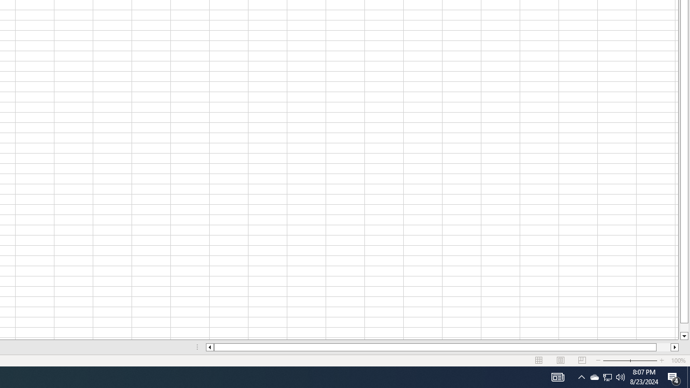 Image resolution: width=690 pixels, height=388 pixels. What do you see at coordinates (442, 347) in the screenshot?
I see `'Class: NetUIScrollBar'` at bounding box center [442, 347].